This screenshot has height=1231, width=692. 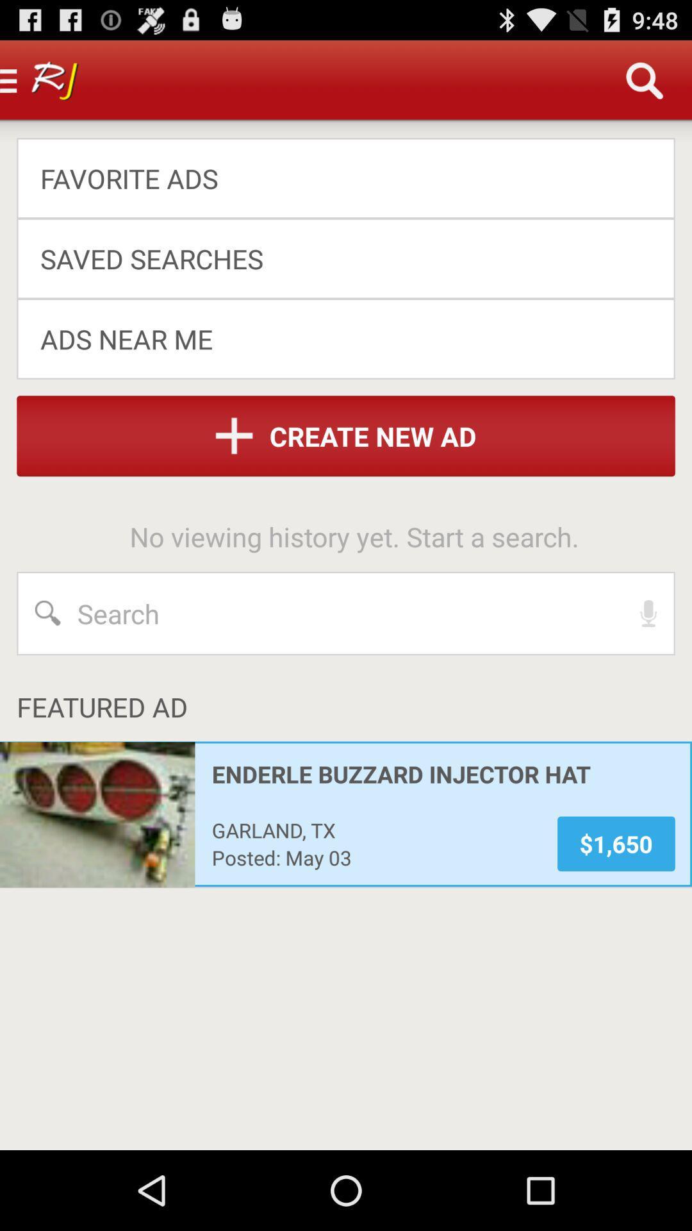 I want to click on the icon below garland, tx, so click(x=375, y=857).